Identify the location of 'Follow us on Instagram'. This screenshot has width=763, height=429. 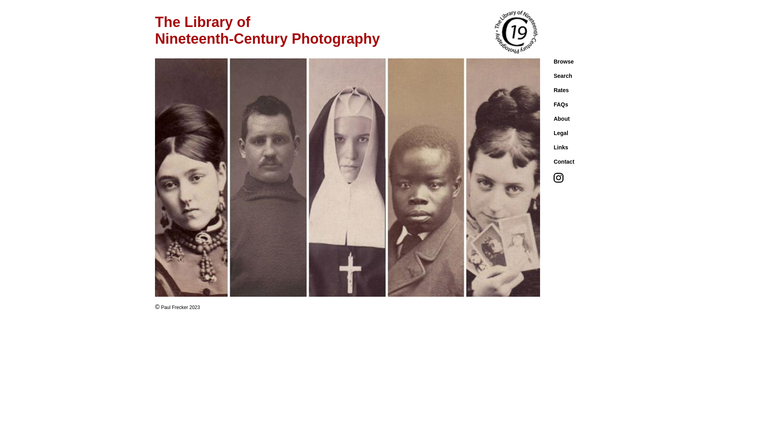
(558, 181).